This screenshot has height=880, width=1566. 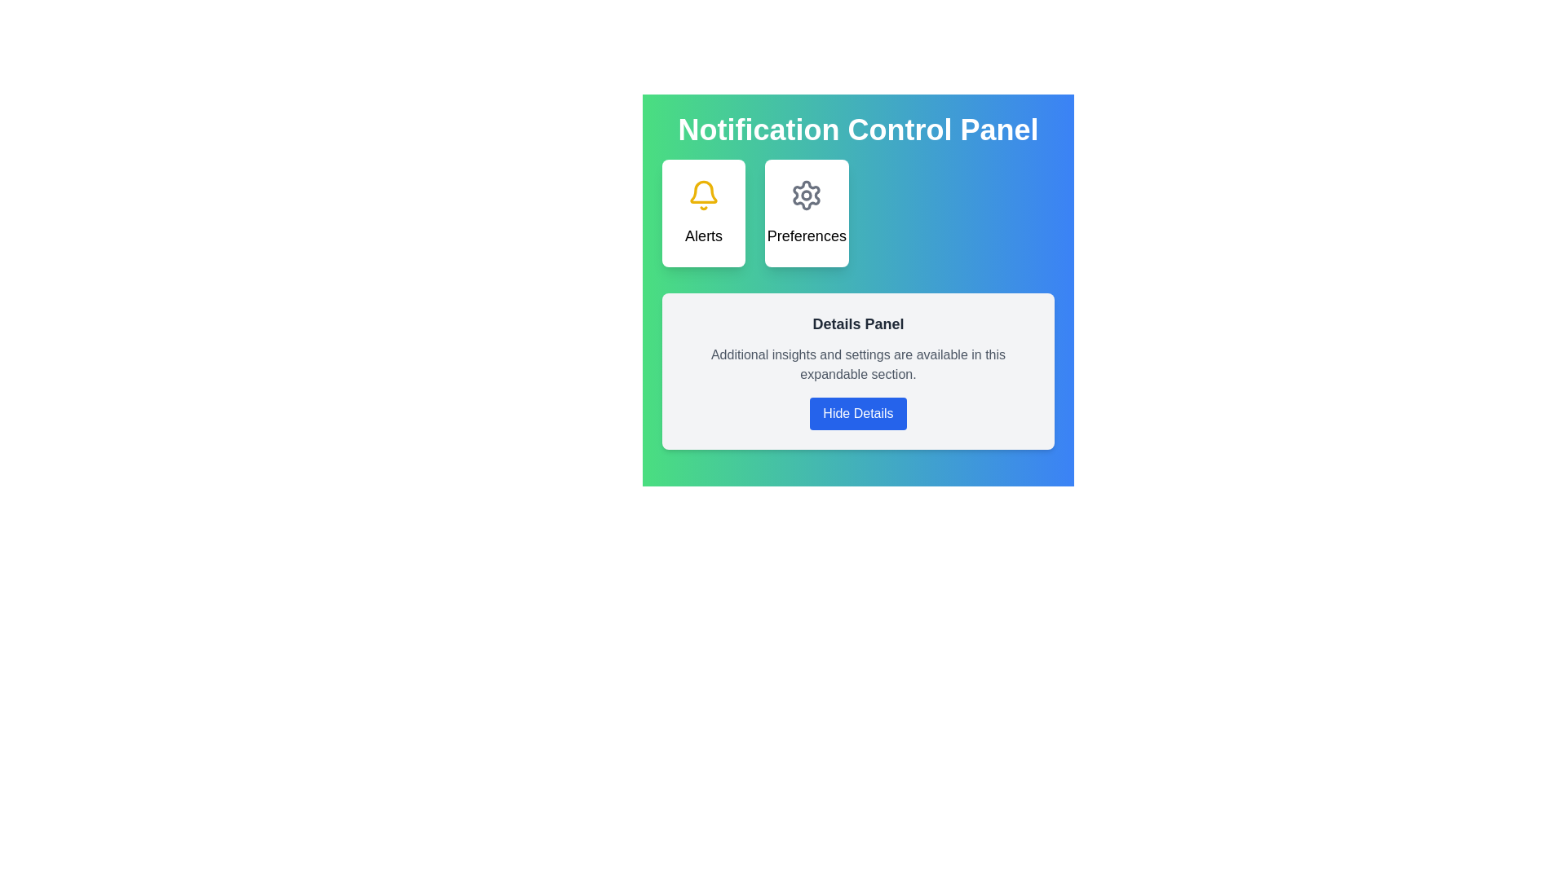 What do you see at coordinates (807, 194) in the screenshot?
I see `the Preferences icon, which visually represents the settings or customization entry point located to the right of the Alerts section within the Preferences category of the interface` at bounding box center [807, 194].